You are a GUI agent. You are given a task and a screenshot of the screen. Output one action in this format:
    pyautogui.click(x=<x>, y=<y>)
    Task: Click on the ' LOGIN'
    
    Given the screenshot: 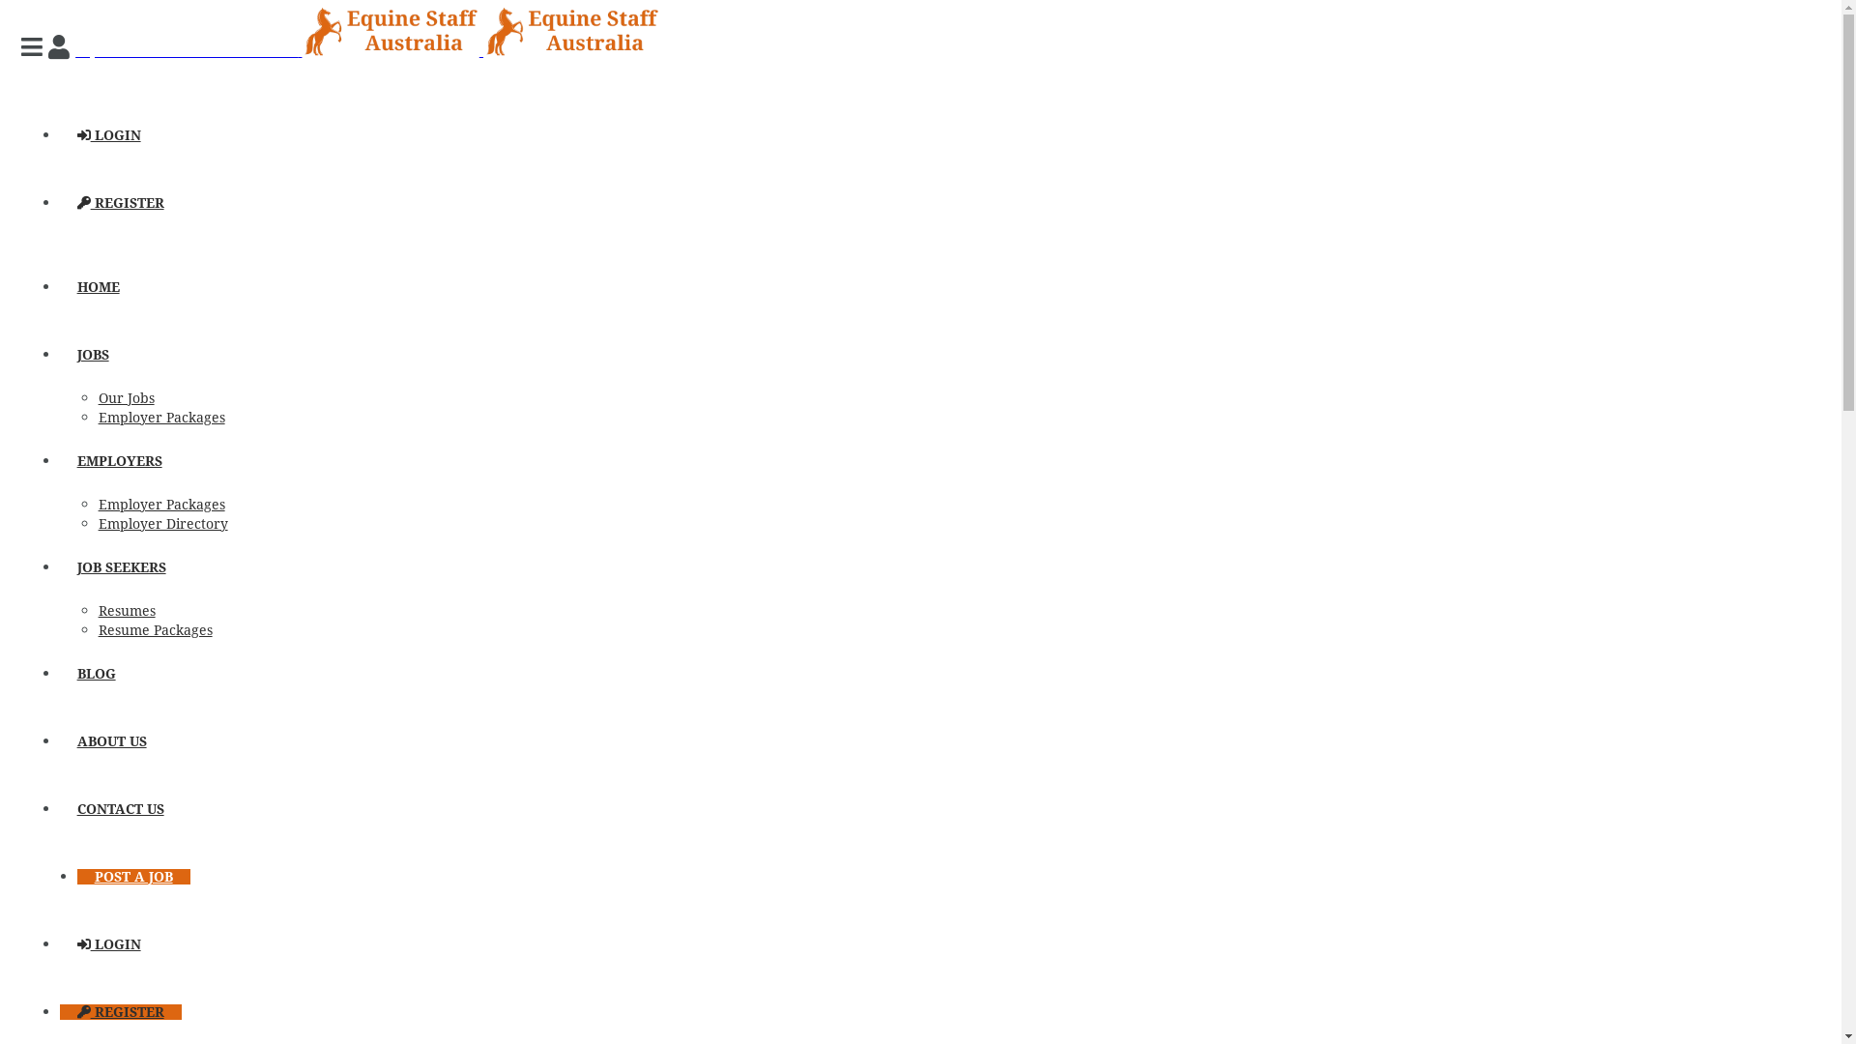 What is the action you would take?
    pyautogui.click(x=108, y=133)
    